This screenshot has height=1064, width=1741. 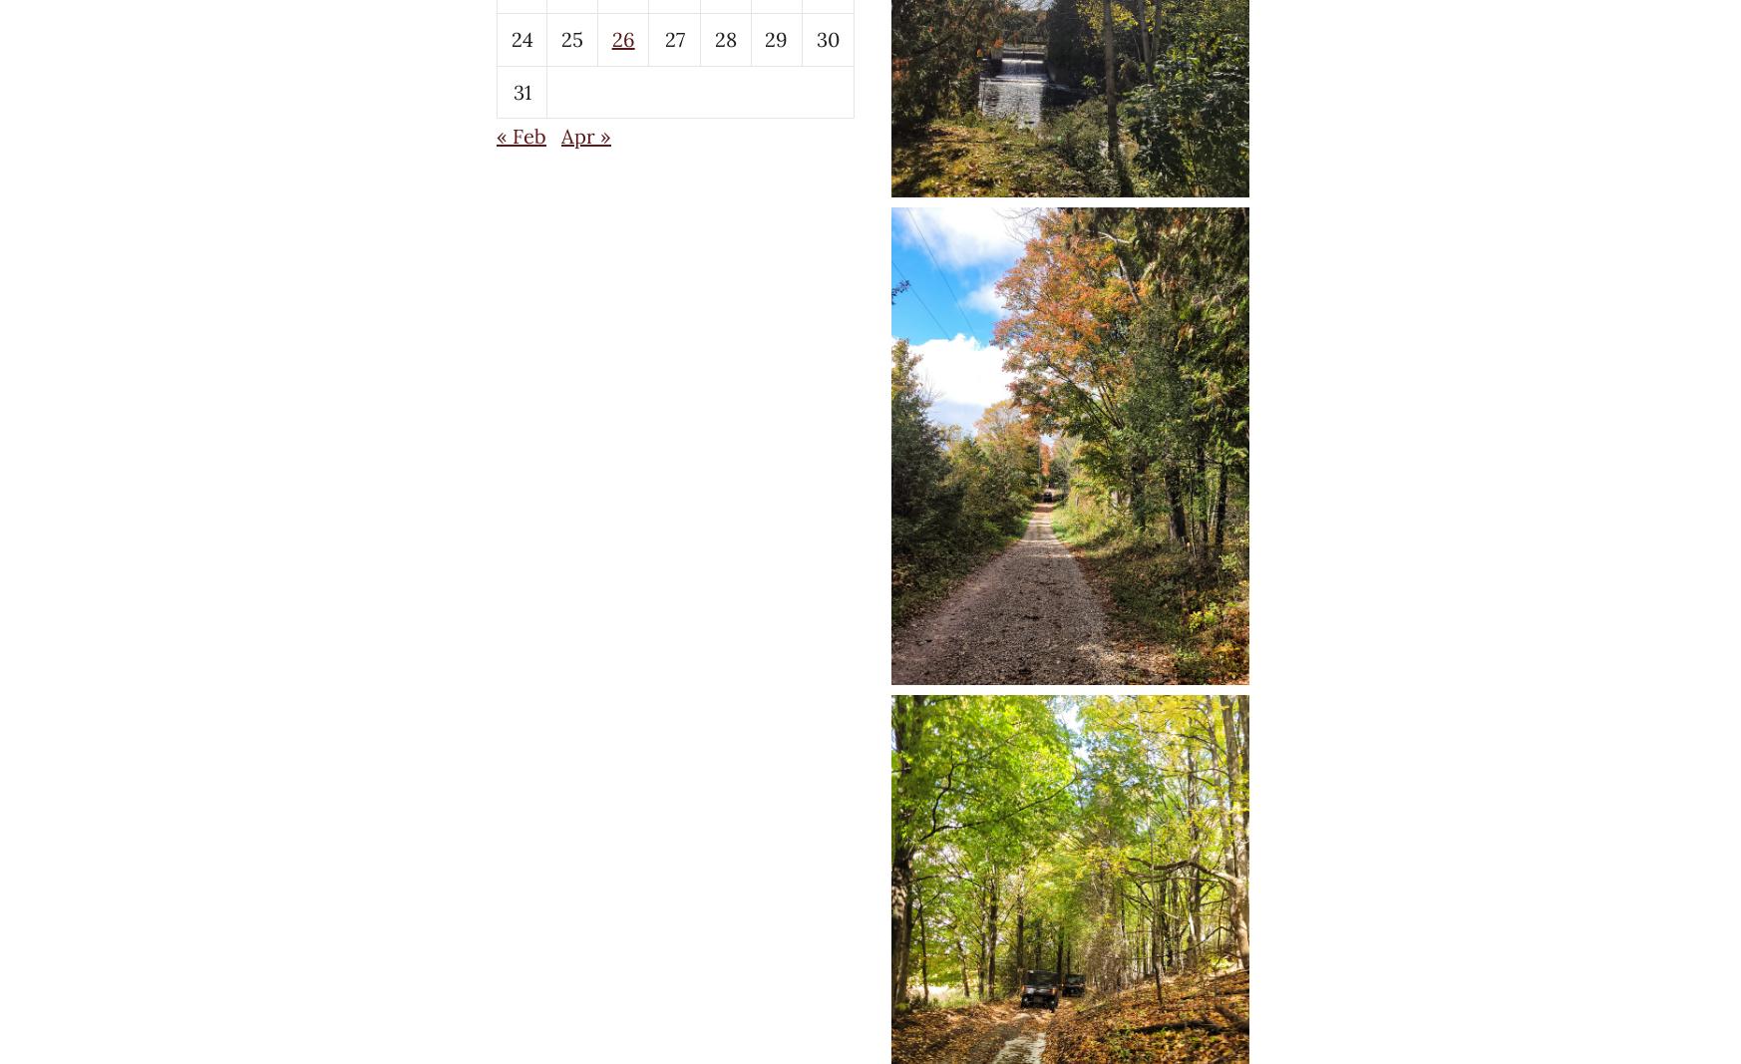 What do you see at coordinates (496, 135) in the screenshot?
I see `'« Feb'` at bounding box center [496, 135].